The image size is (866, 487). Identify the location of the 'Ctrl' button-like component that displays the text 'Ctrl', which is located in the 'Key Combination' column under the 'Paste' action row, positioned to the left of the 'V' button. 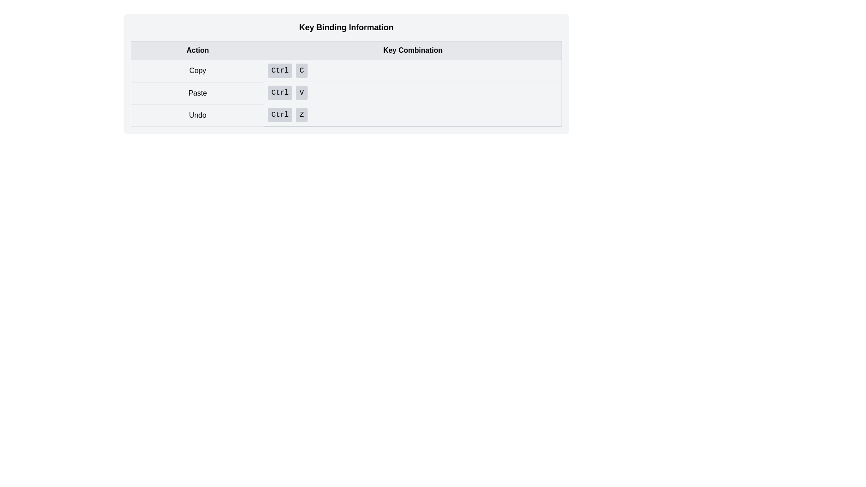
(279, 92).